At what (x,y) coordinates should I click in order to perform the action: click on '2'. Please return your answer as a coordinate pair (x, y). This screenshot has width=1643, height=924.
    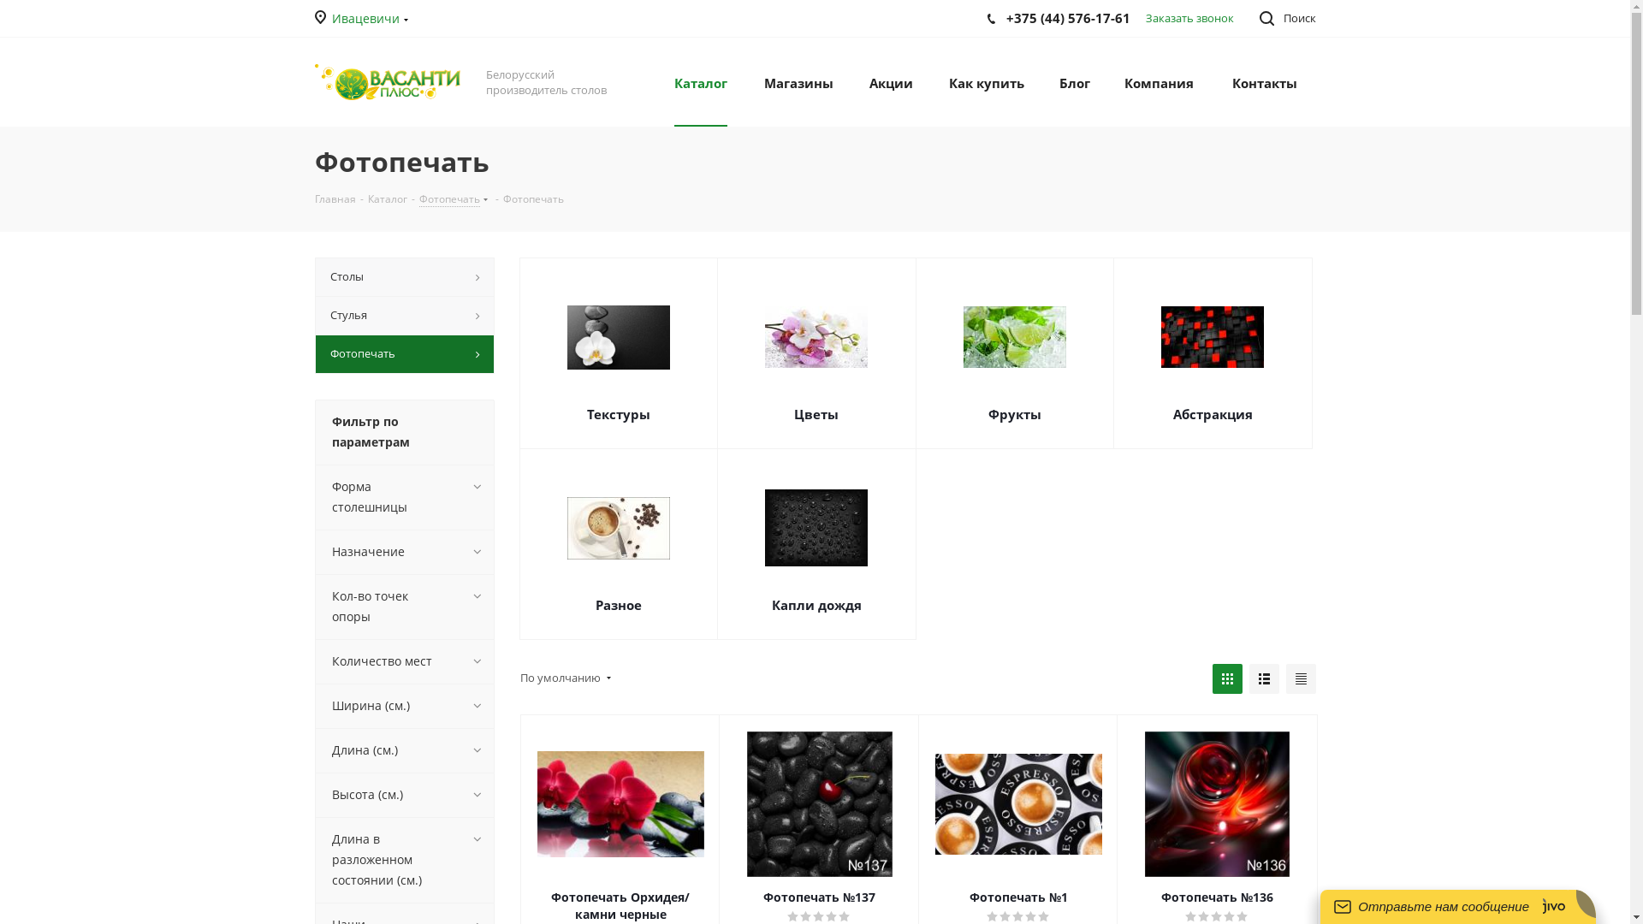
    Looking at the image, I should click on (799, 916).